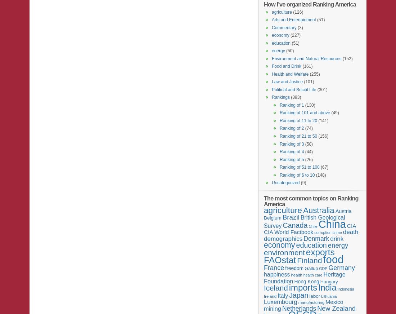 The image size is (396, 314). Describe the element at coordinates (296, 275) in the screenshot. I see `'health'` at that location.